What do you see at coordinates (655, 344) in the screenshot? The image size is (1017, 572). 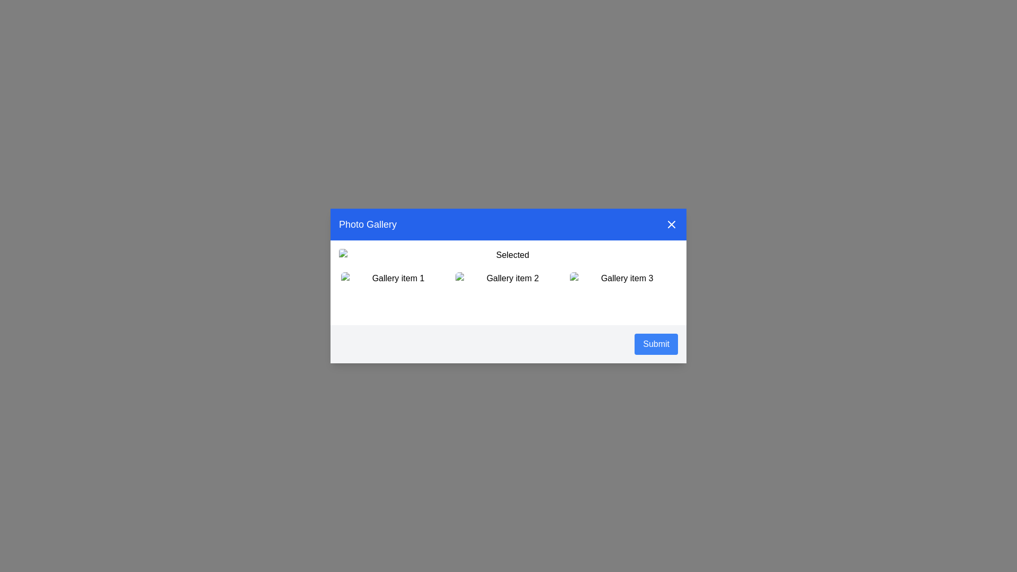 I see `the 'Submit' button to confirm the selection` at bounding box center [655, 344].